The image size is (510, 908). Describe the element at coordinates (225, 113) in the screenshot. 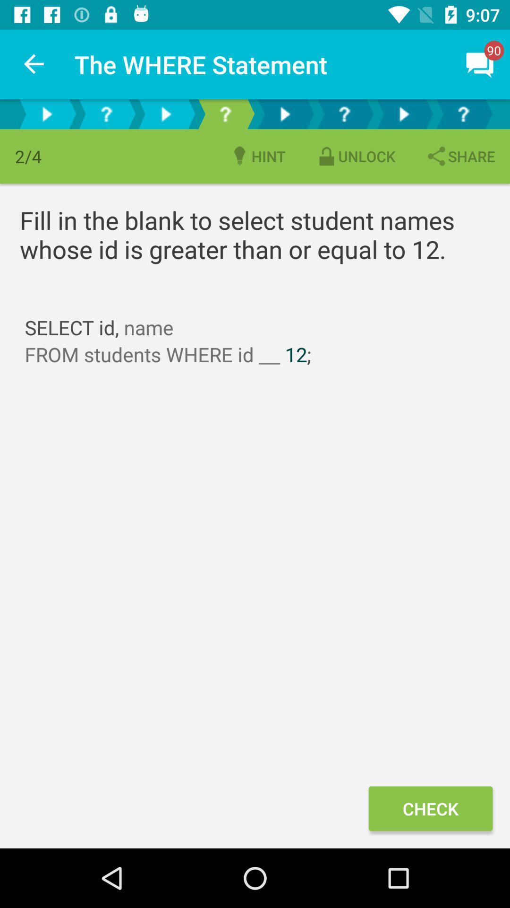

I see `question mark icone` at that location.